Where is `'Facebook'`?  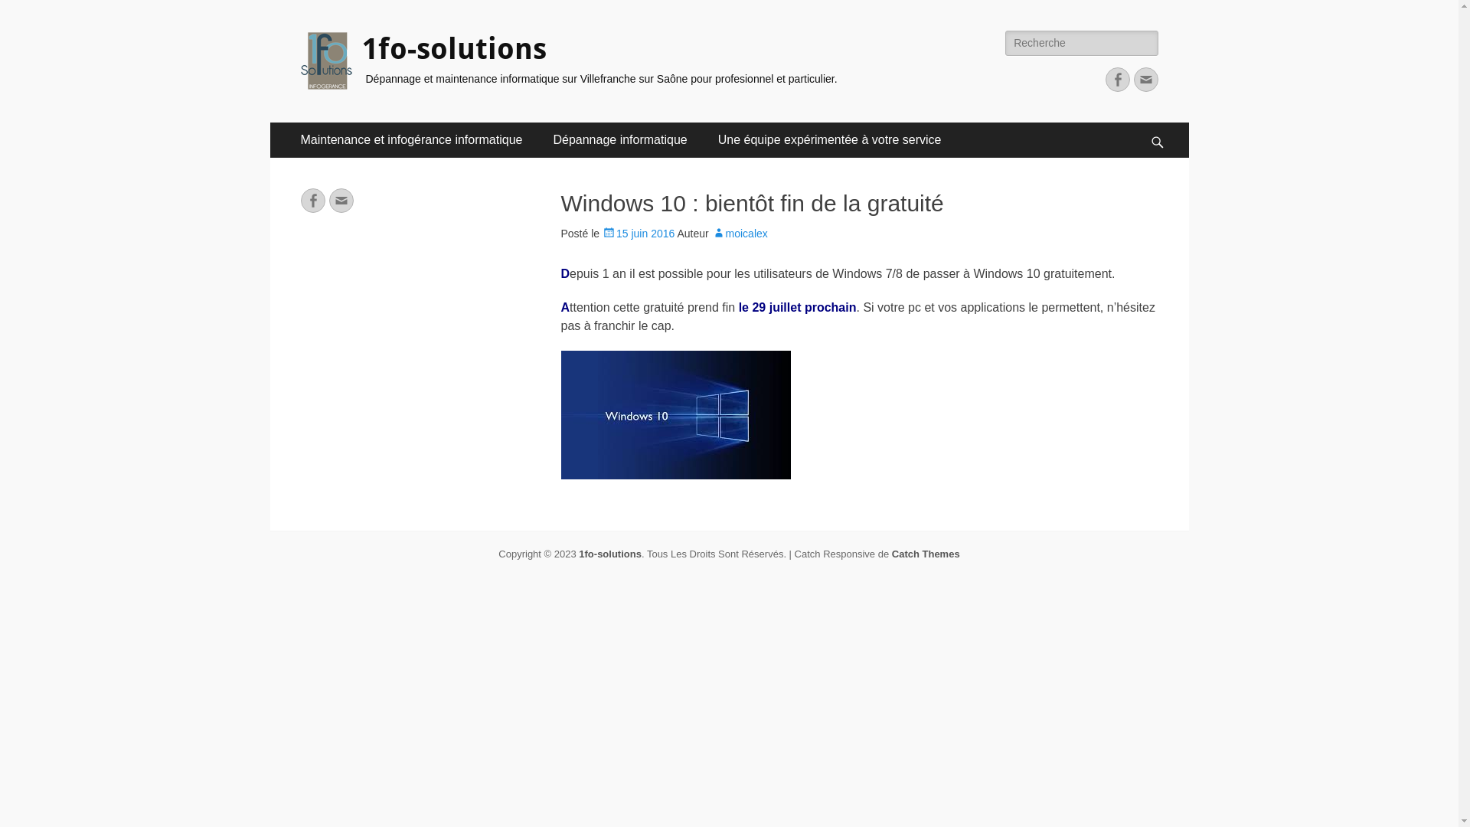
'Facebook' is located at coordinates (312, 200).